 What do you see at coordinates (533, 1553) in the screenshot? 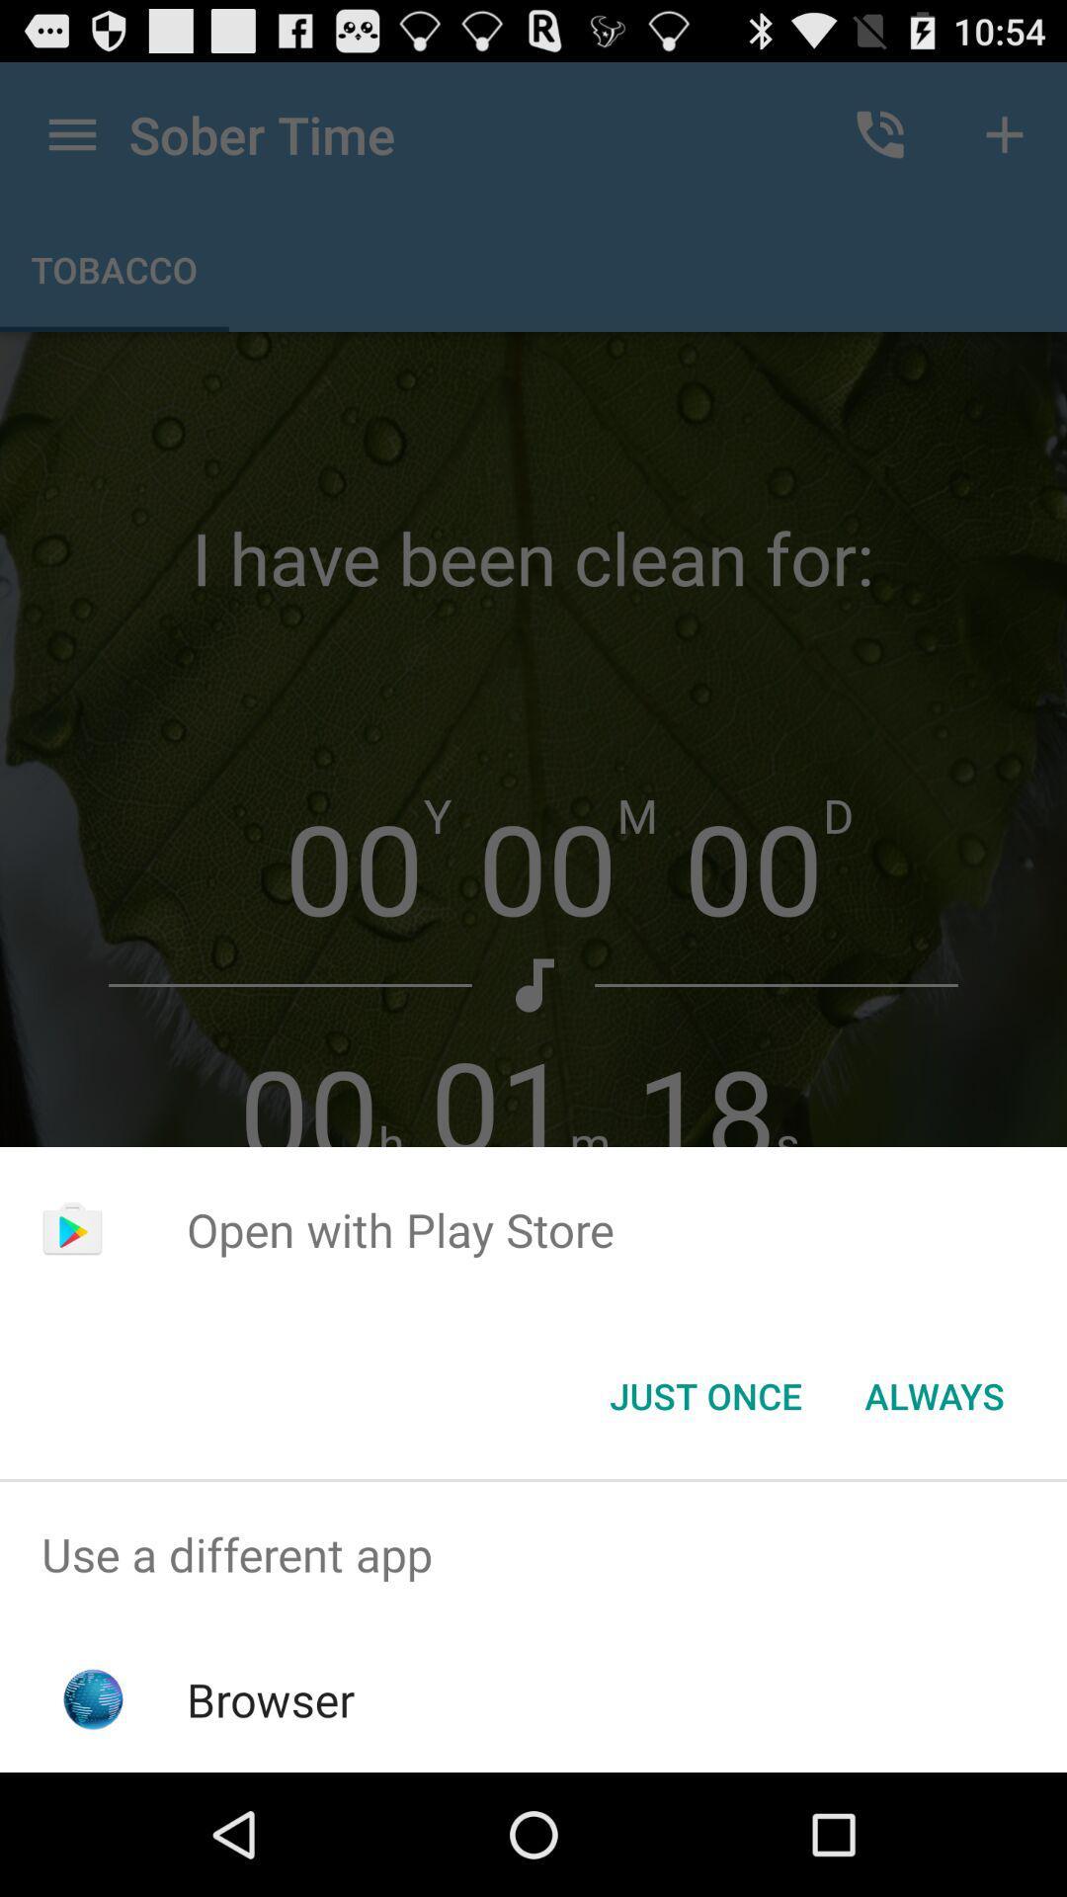
I see `item above browser app` at bounding box center [533, 1553].